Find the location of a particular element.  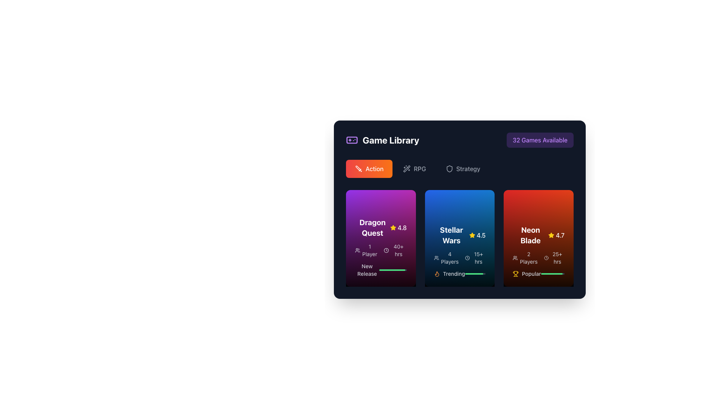

the text label displaying the rating '4.5', which is styled in a white font and located within a blue-tinted box, positioned to the right of a yellow star icon in the 'Stellar Wars' game tile is located at coordinates (481, 235).